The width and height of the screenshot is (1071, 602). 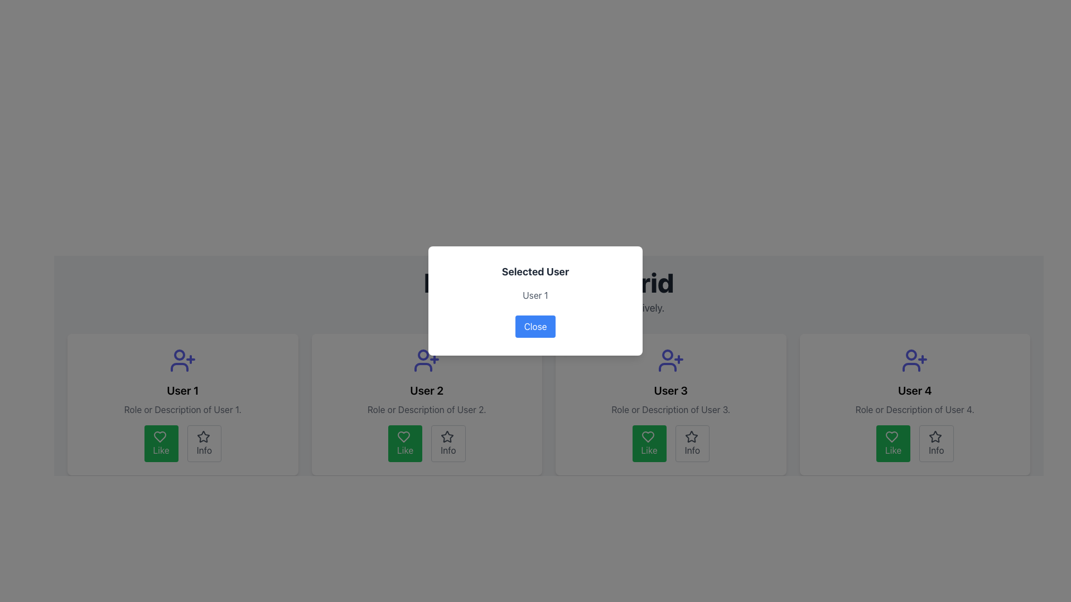 What do you see at coordinates (203, 436) in the screenshot?
I see `the star-shaped icon located in the center of the 'Info' button within the card for 'User 1'` at bounding box center [203, 436].